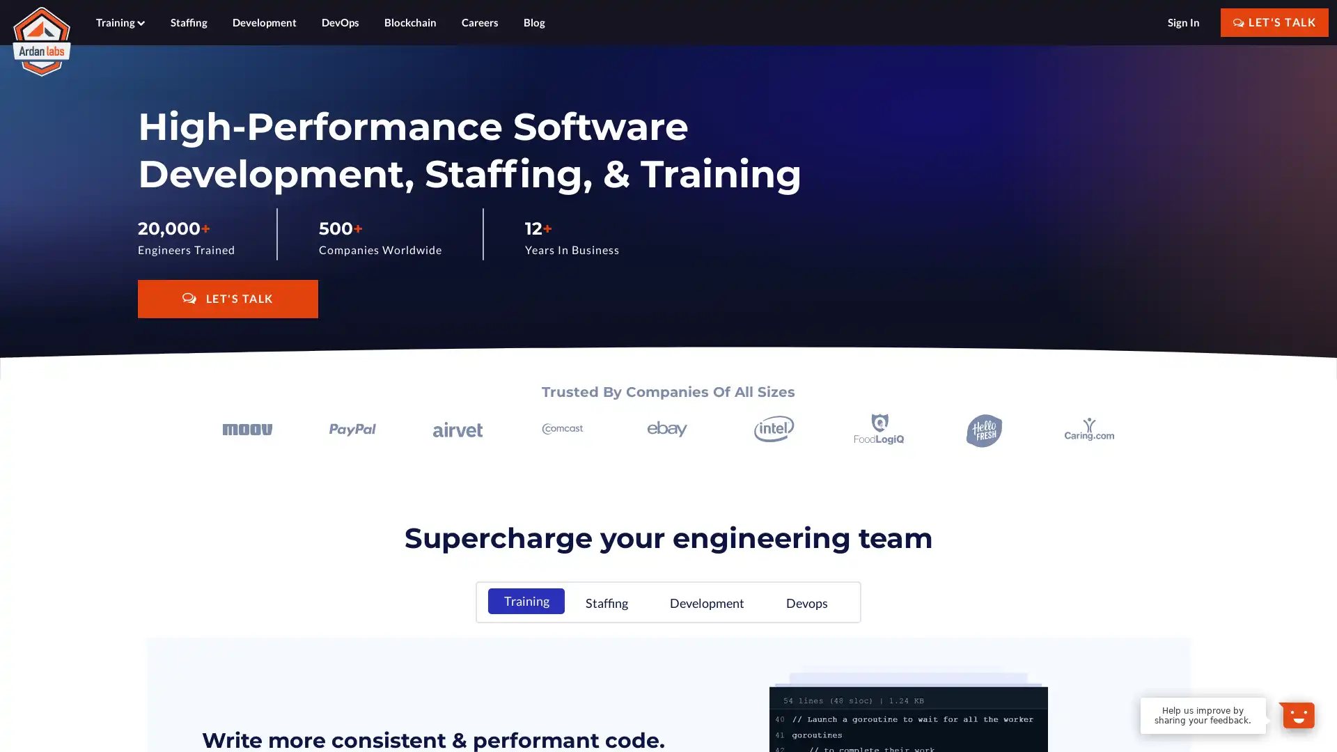 This screenshot has width=1337, height=752. What do you see at coordinates (227, 298) in the screenshot?
I see `LET'S TALK` at bounding box center [227, 298].